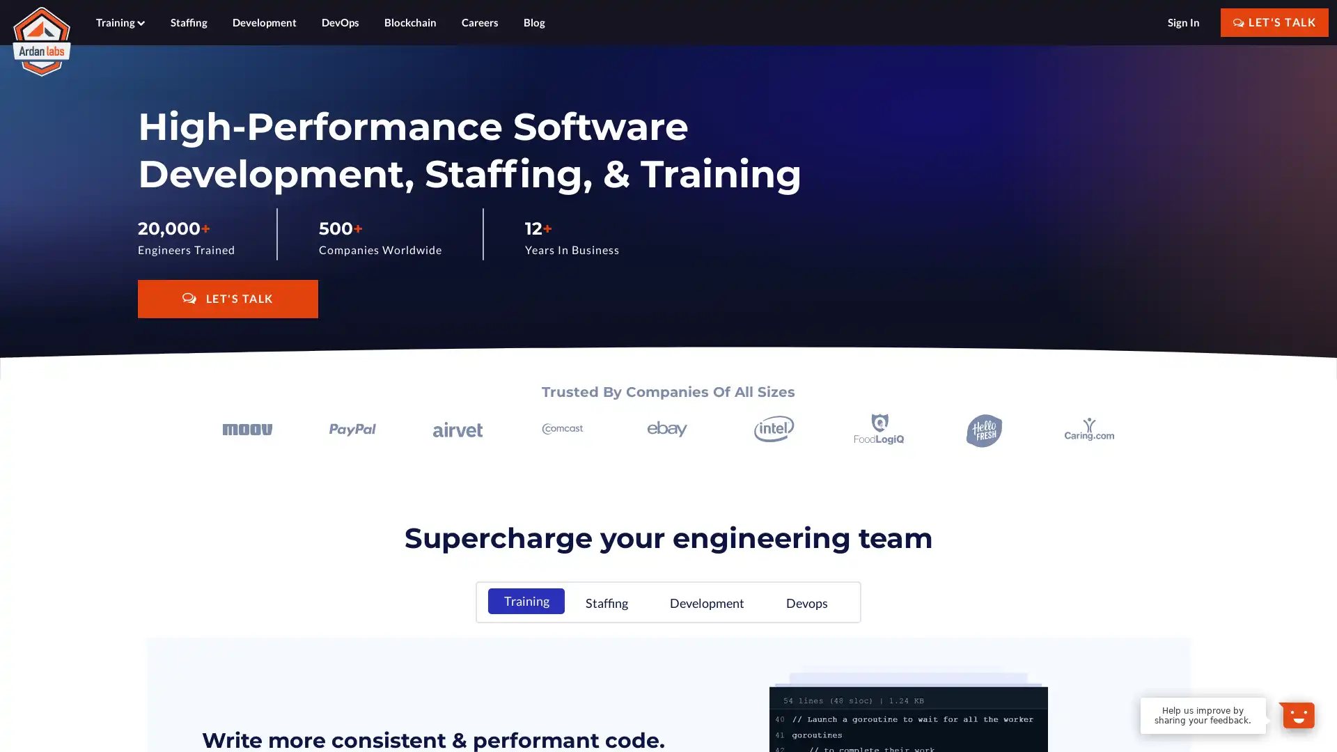 This screenshot has width=1337, height=752. What do you see at coordinates (227, 298) in the screenshot?
I see `LET'S TALK` at bounding box center [227, 298].